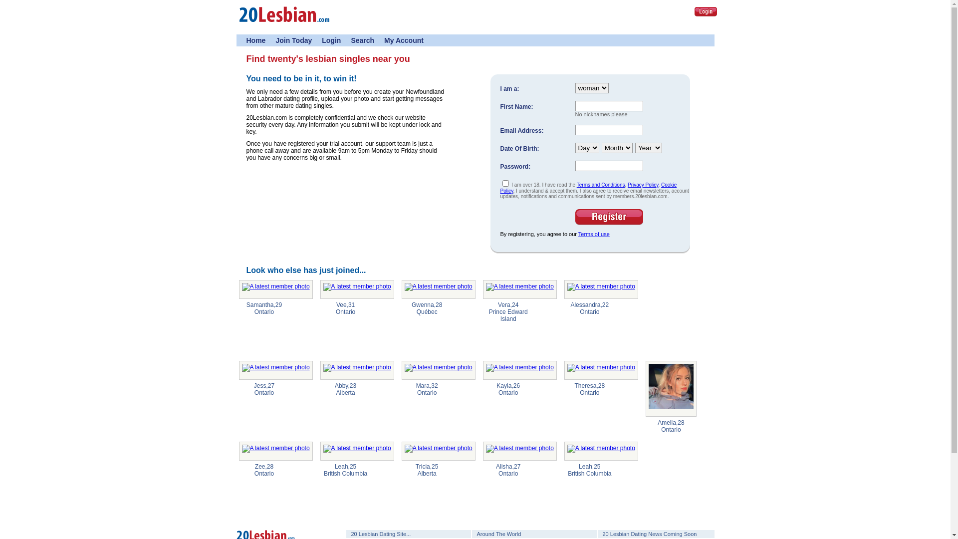  Describe the element at coordinates (600, 370) in the screenshot. I see `'Theresa, 28 from East York, Ontario'` at that location.